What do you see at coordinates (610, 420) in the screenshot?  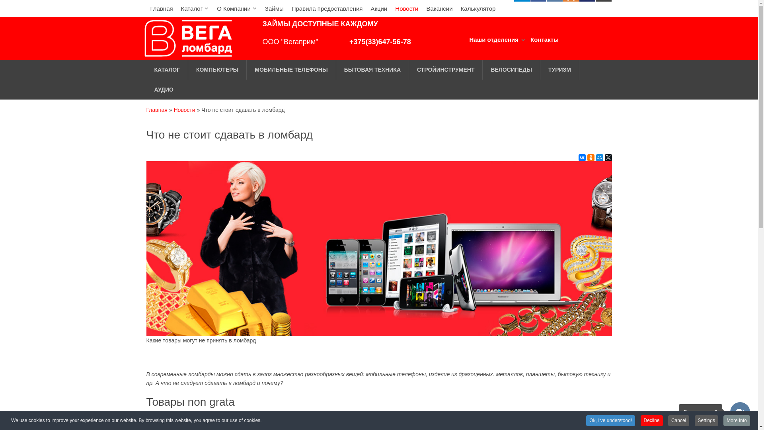 I see `'Ok, I've understood!'` at bounding box center [610, 420].